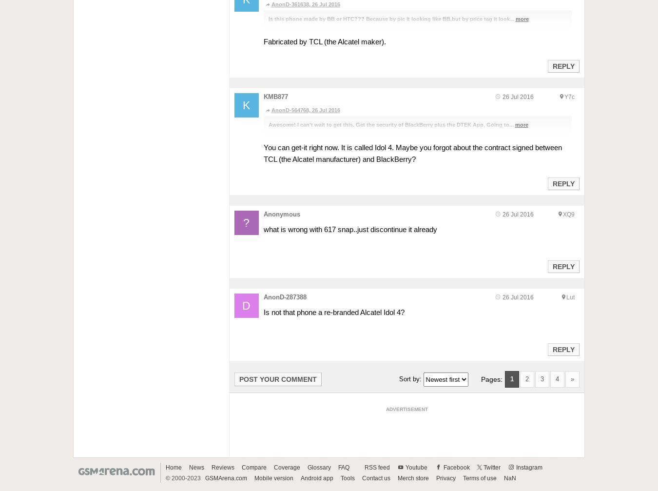 The image size is (658, 491). Describe the element at coordinates (196, 466) in the screenshot. I see `'News'` at that location.